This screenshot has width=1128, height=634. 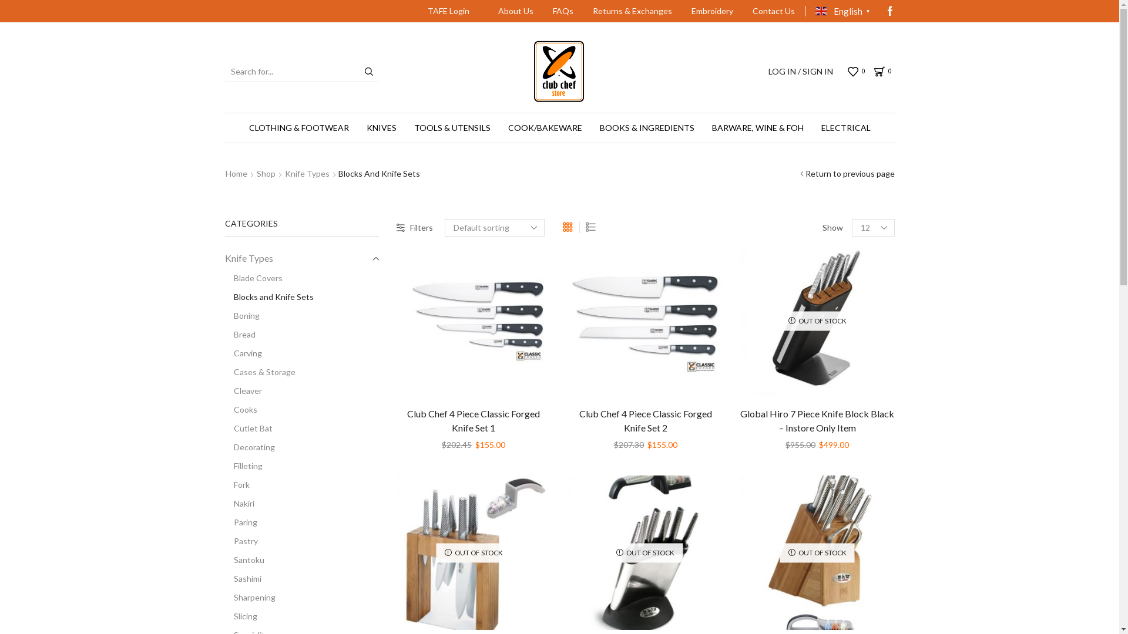 What do you see at coordinates (490, 11) in the screenshot?
I see `'About Us'` at bounding box center [490, 11].